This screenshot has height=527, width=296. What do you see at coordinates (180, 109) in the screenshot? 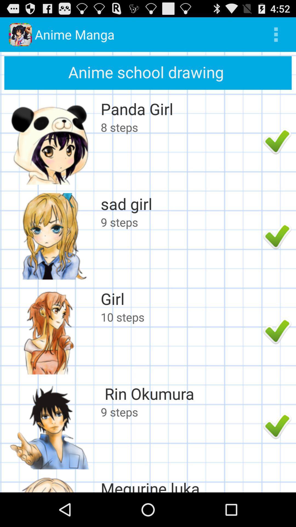
I see `the item above the 8 steps item` at bounding box center [180, 109].